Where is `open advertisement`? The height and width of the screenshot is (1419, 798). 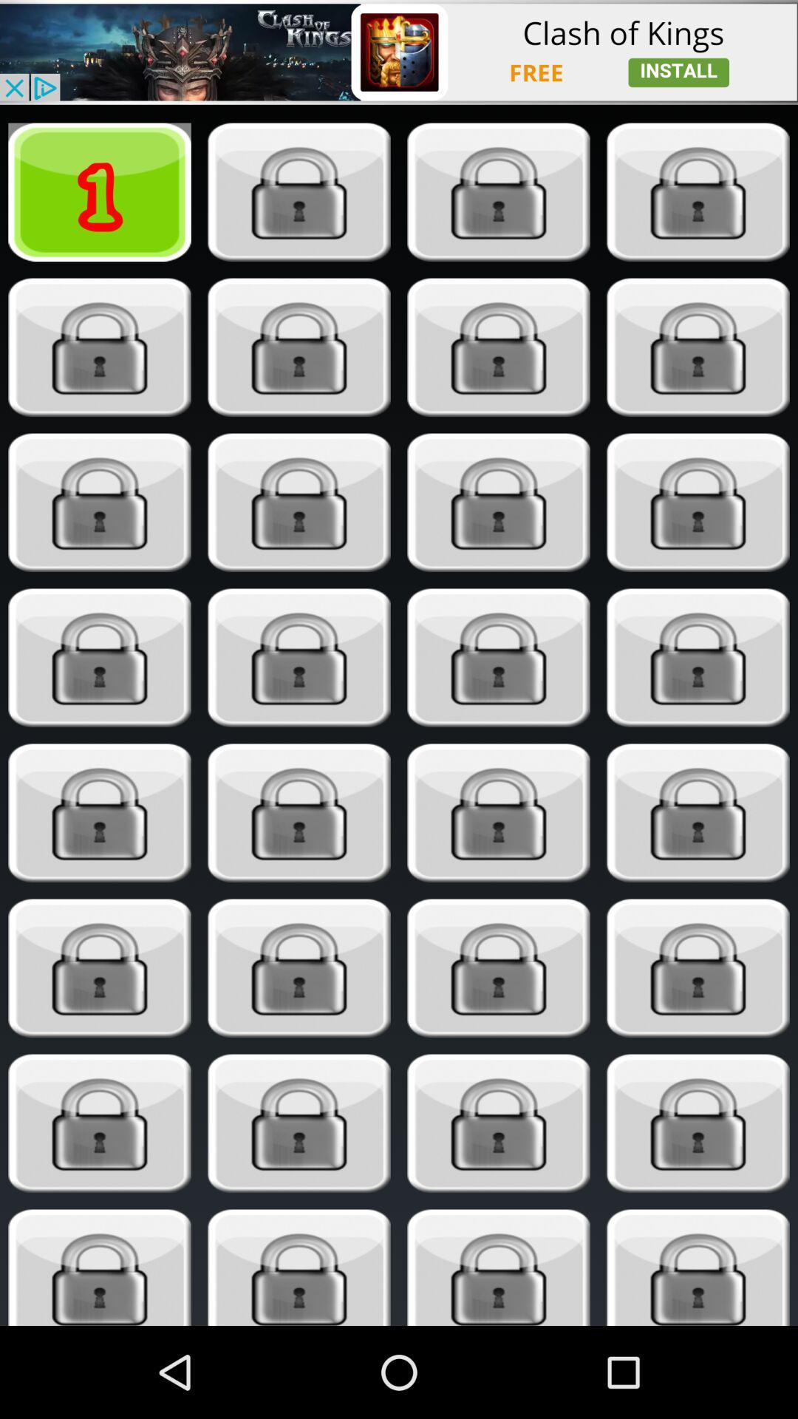
open advertisement is located at coordinates (399, 52).